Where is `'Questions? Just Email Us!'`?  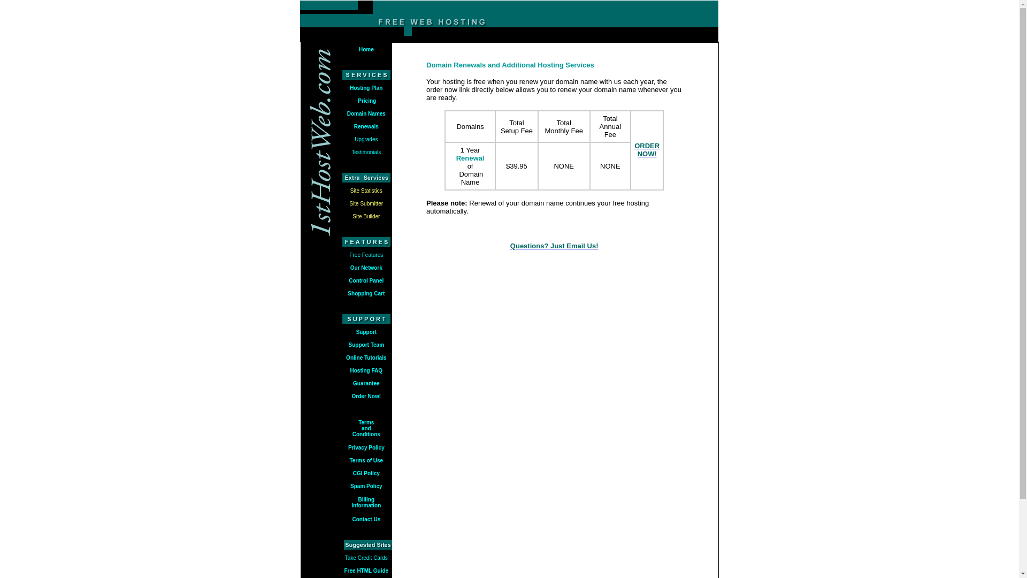 'Questions? Just Email Us!' is located at coordinates (554, 245).